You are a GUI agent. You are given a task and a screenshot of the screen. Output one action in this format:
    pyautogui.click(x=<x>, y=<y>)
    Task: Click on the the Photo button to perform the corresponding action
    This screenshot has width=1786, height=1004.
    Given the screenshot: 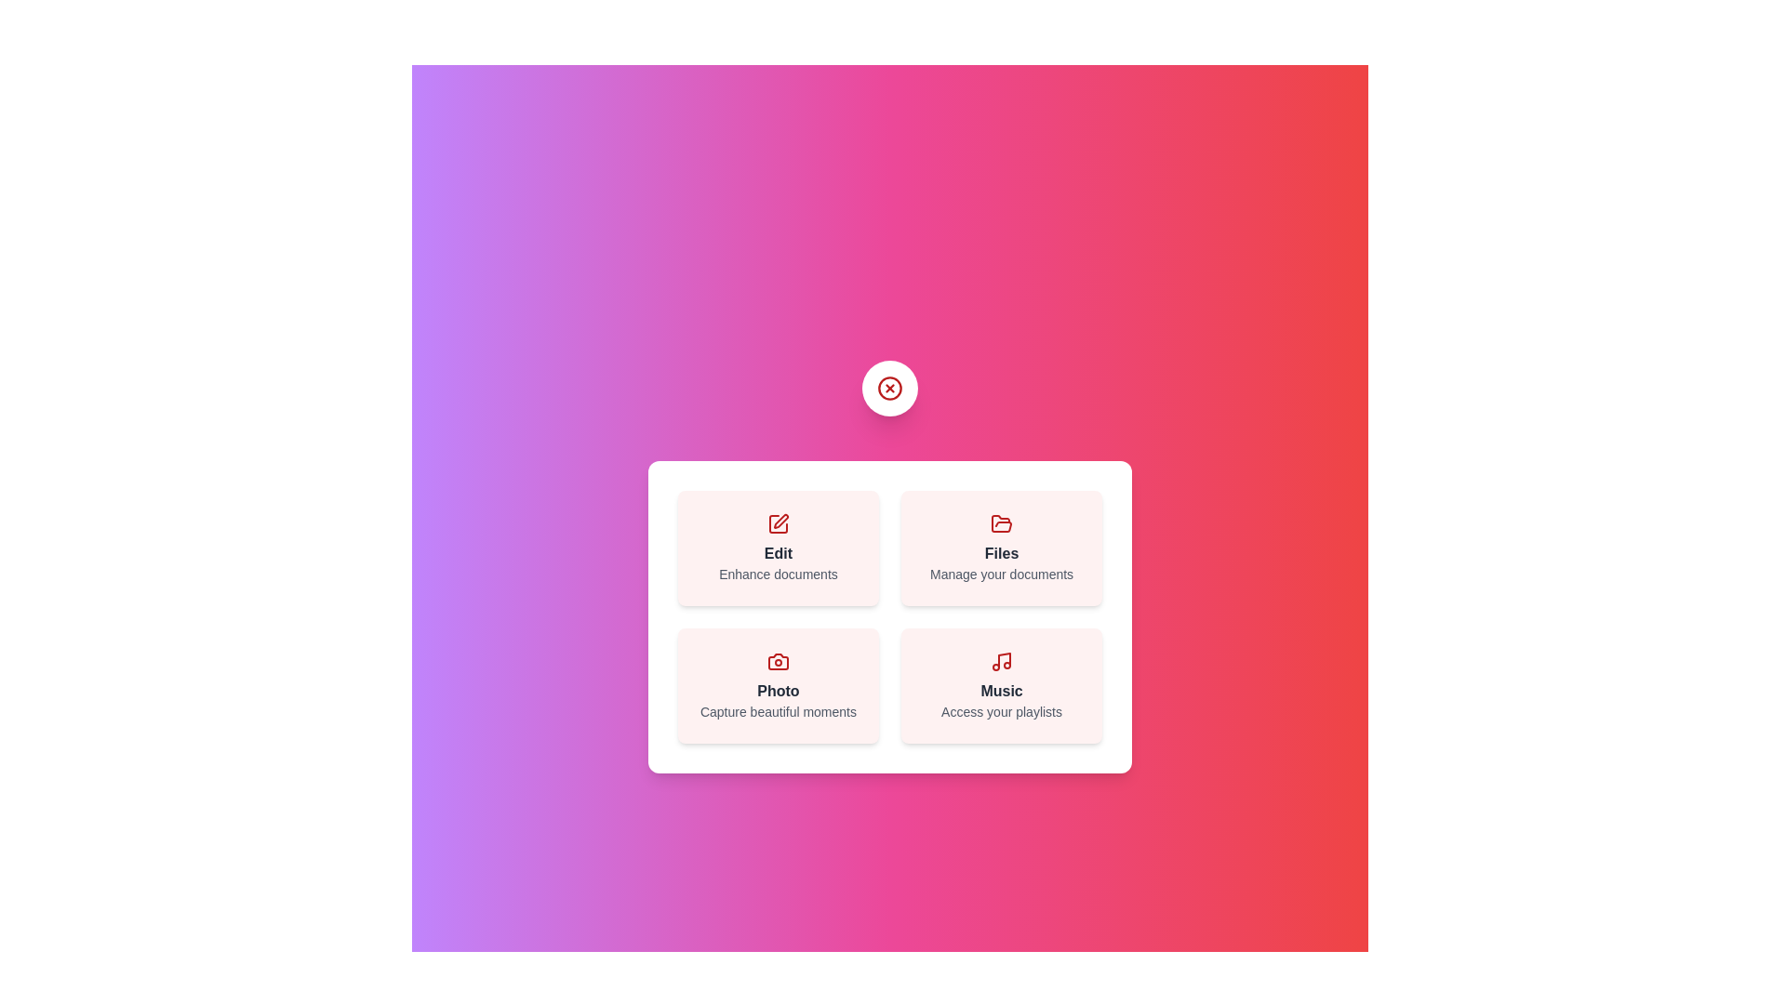 What is the action you would take?
    pyautogui.click(x=778, y=685)
    